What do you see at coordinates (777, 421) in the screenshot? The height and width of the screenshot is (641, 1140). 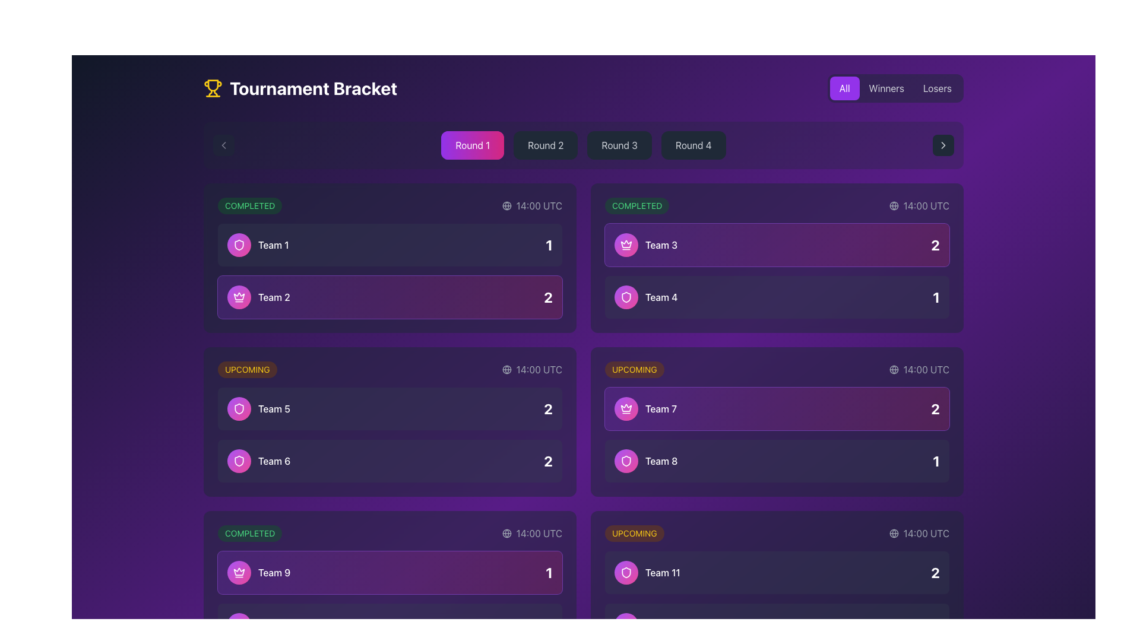 I see `the time displayed on the interactive information card in the second row of the 'Upcoming' section` at bounding box center [777, 421].